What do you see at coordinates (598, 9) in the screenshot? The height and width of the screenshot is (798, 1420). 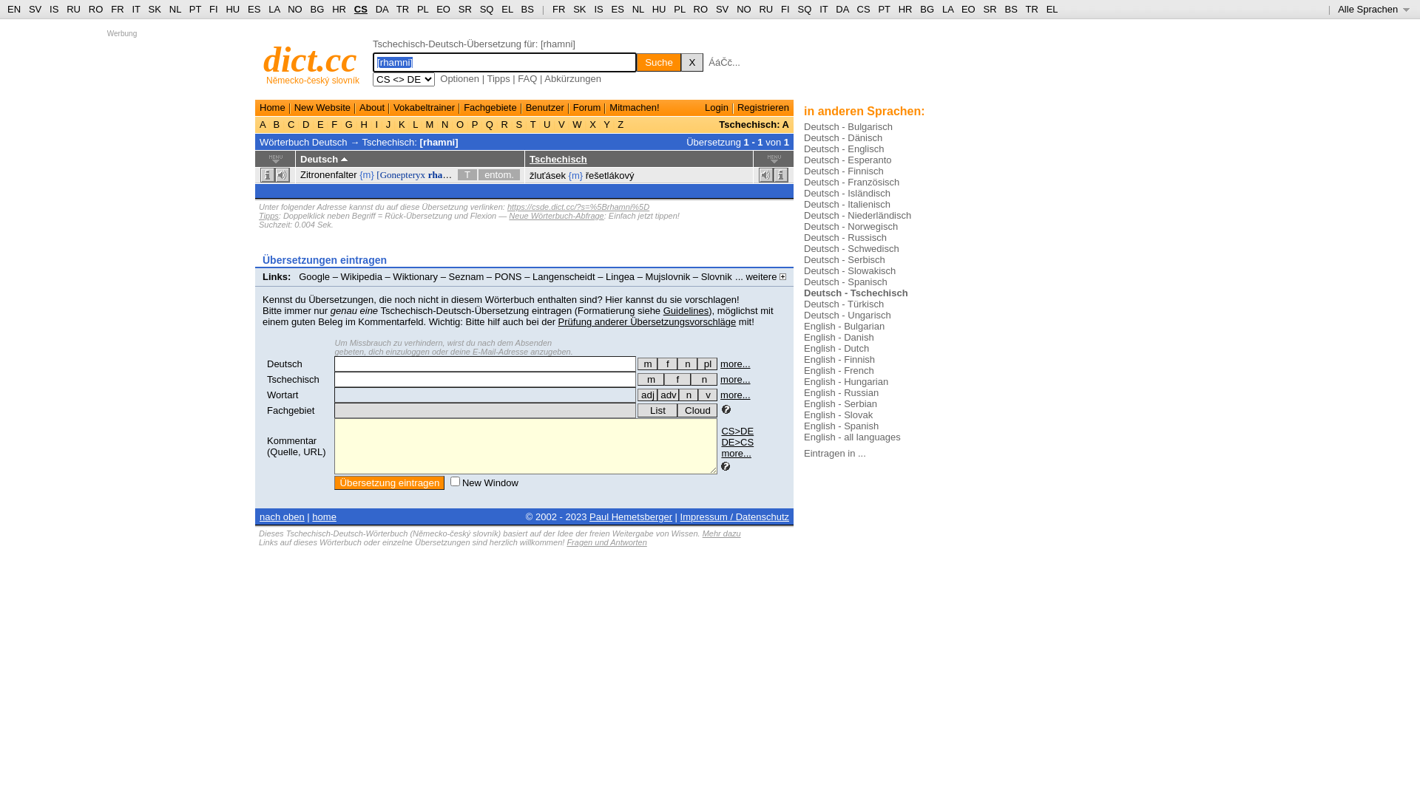 I see `'IS'` at bounding box center [598, 9].